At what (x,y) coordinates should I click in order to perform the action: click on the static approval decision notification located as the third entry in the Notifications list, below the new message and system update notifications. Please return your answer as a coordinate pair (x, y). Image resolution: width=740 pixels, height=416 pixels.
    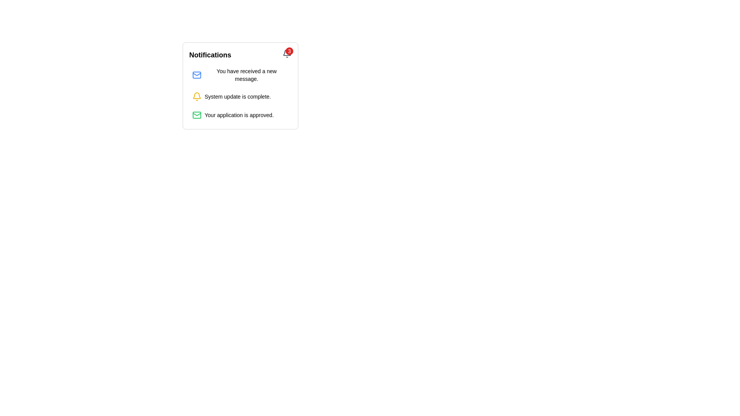
    Looking at the image, I should click on (240, 115).